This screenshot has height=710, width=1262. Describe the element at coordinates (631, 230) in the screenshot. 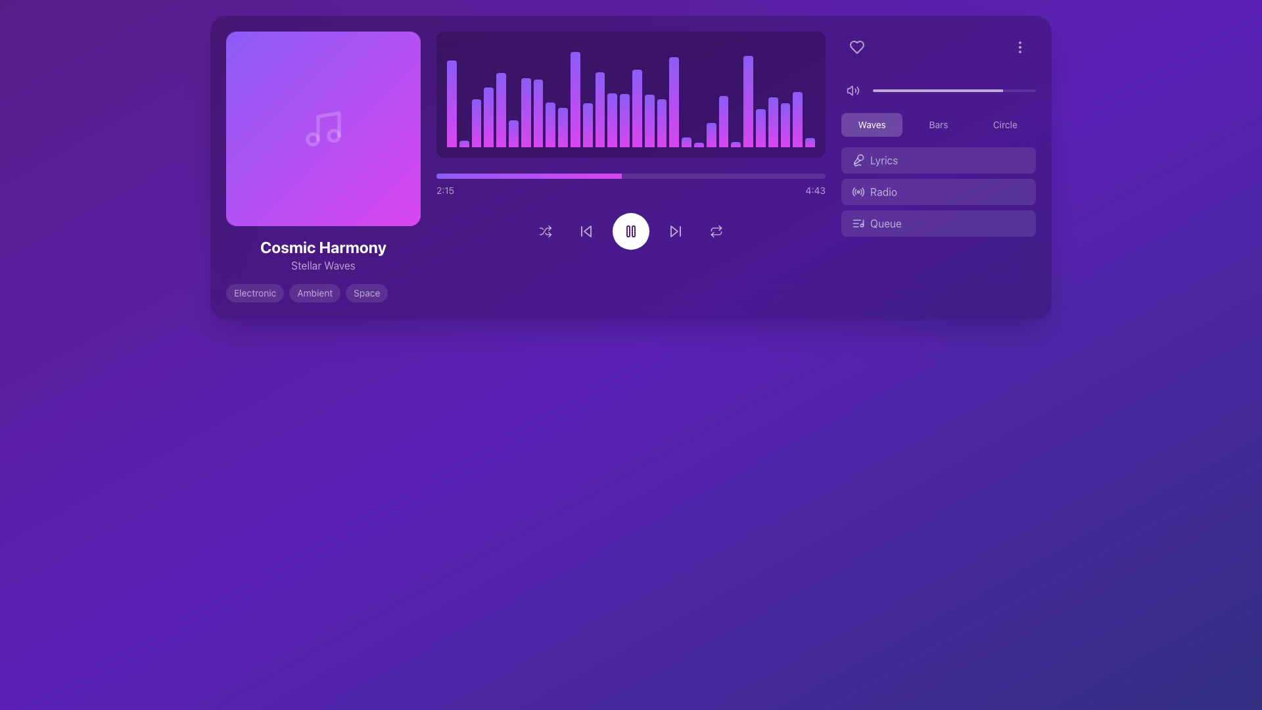

I see `the central rounded white button with a violet icon of two parallel vertical lines` at that location.